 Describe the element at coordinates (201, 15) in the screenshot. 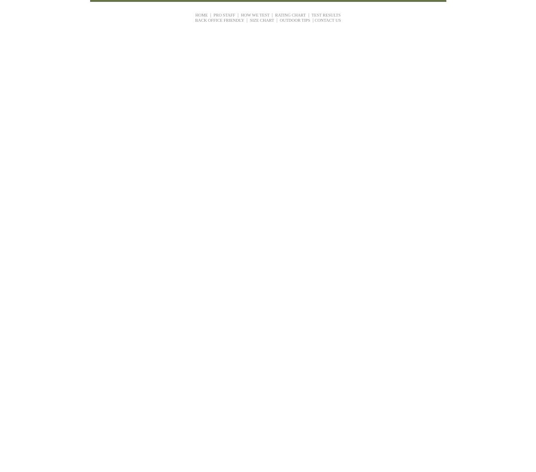

I see `'HOME'` at that location.